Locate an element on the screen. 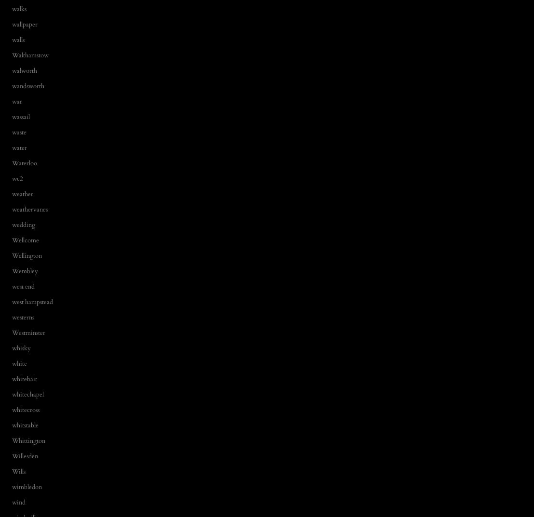 This screenshot has width=534, height=517. 'Willesden' is located at coordinates (24, 455).